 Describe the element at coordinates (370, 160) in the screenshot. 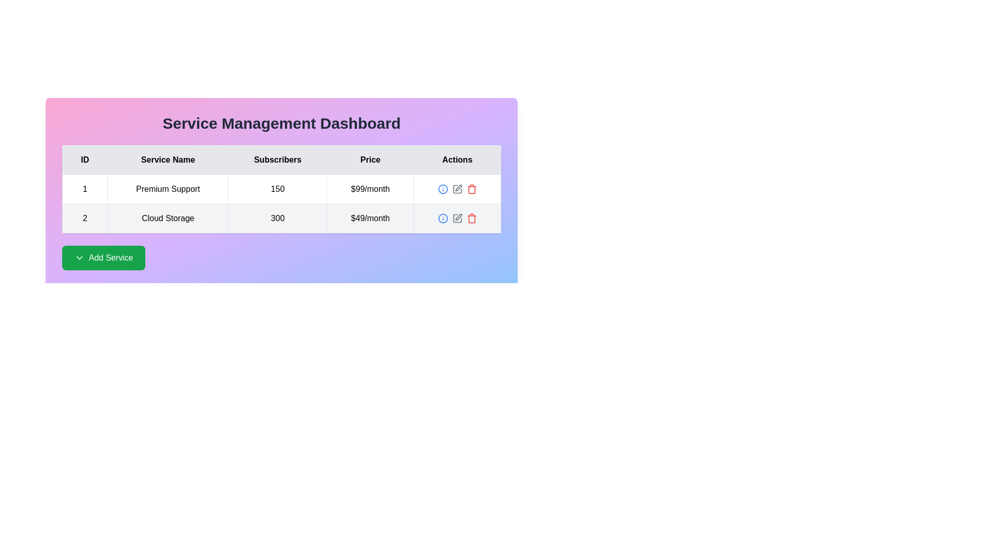

I see `text in the 'Price' column header of the table, which serves as a label for the data below it, located near the middle-right of the header row` at that location.